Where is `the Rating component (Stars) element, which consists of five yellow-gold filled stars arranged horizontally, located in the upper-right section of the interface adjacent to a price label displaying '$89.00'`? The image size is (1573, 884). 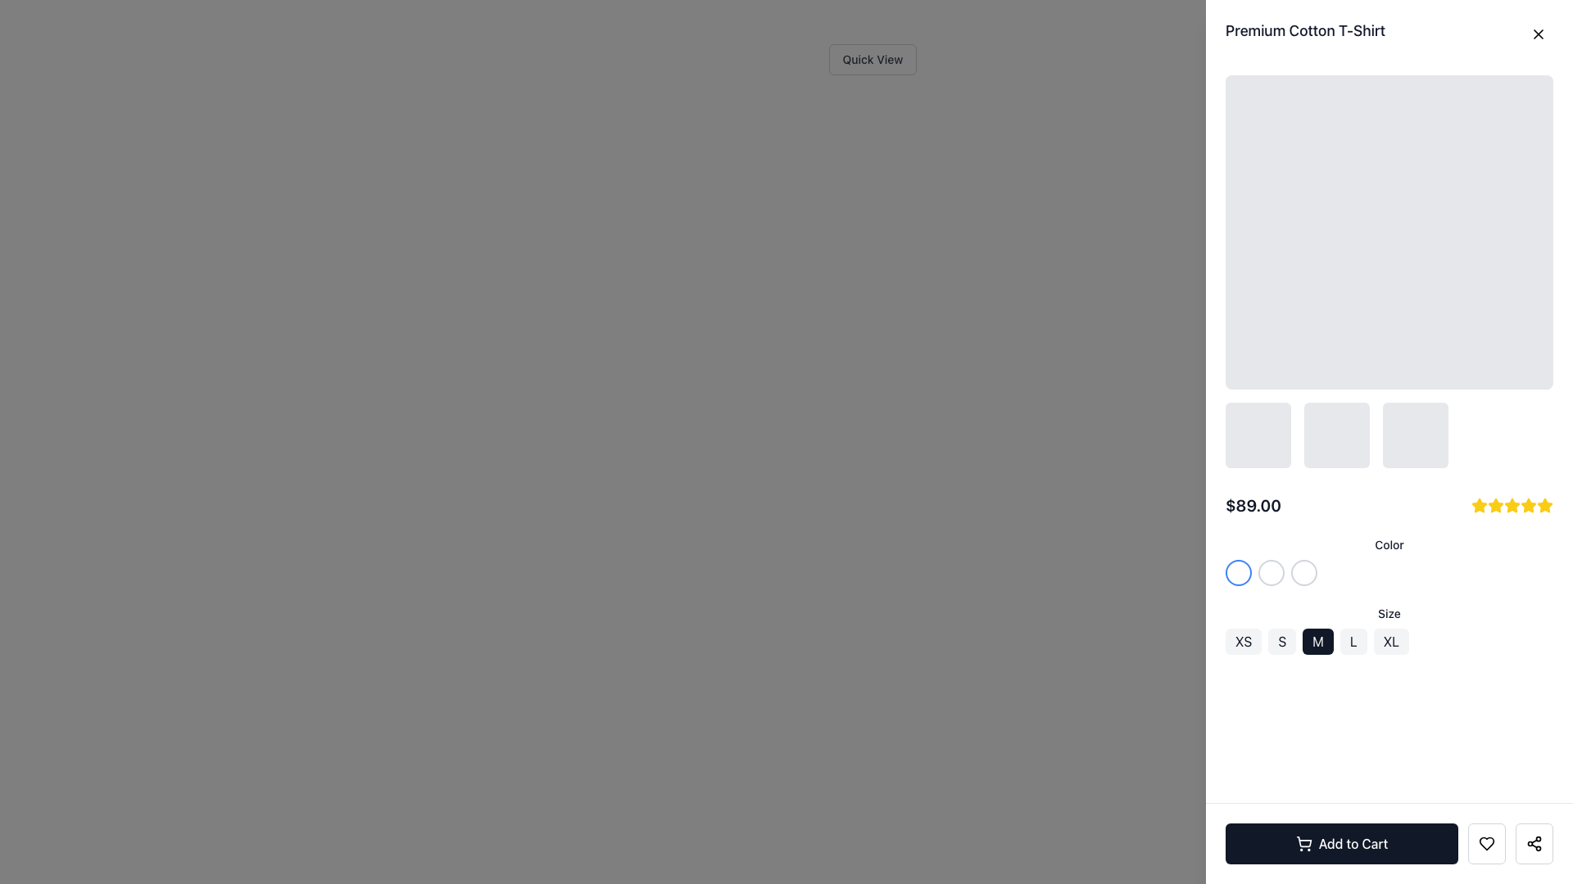
the Rating component (Stars) element, which consists of five yellow-gold filled stars arranged horizontally, located in the upper-right section of the interface adjacent to a price label displaying '$89.00' is located at coordinates (1512, 504).